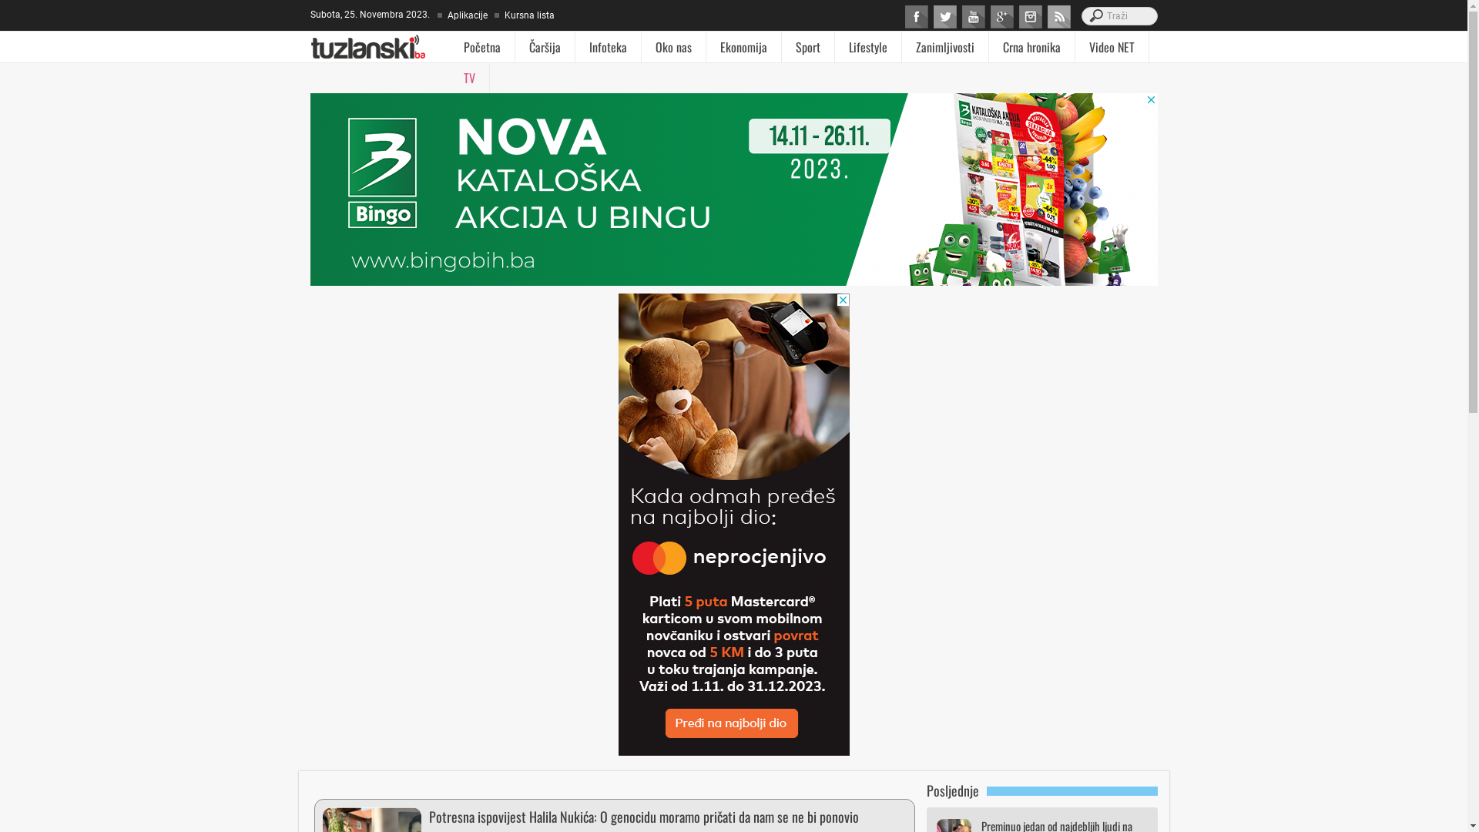 This screenshot has width=1479, height=832. I want to click on 'Lifestyle', so click(868, 46).